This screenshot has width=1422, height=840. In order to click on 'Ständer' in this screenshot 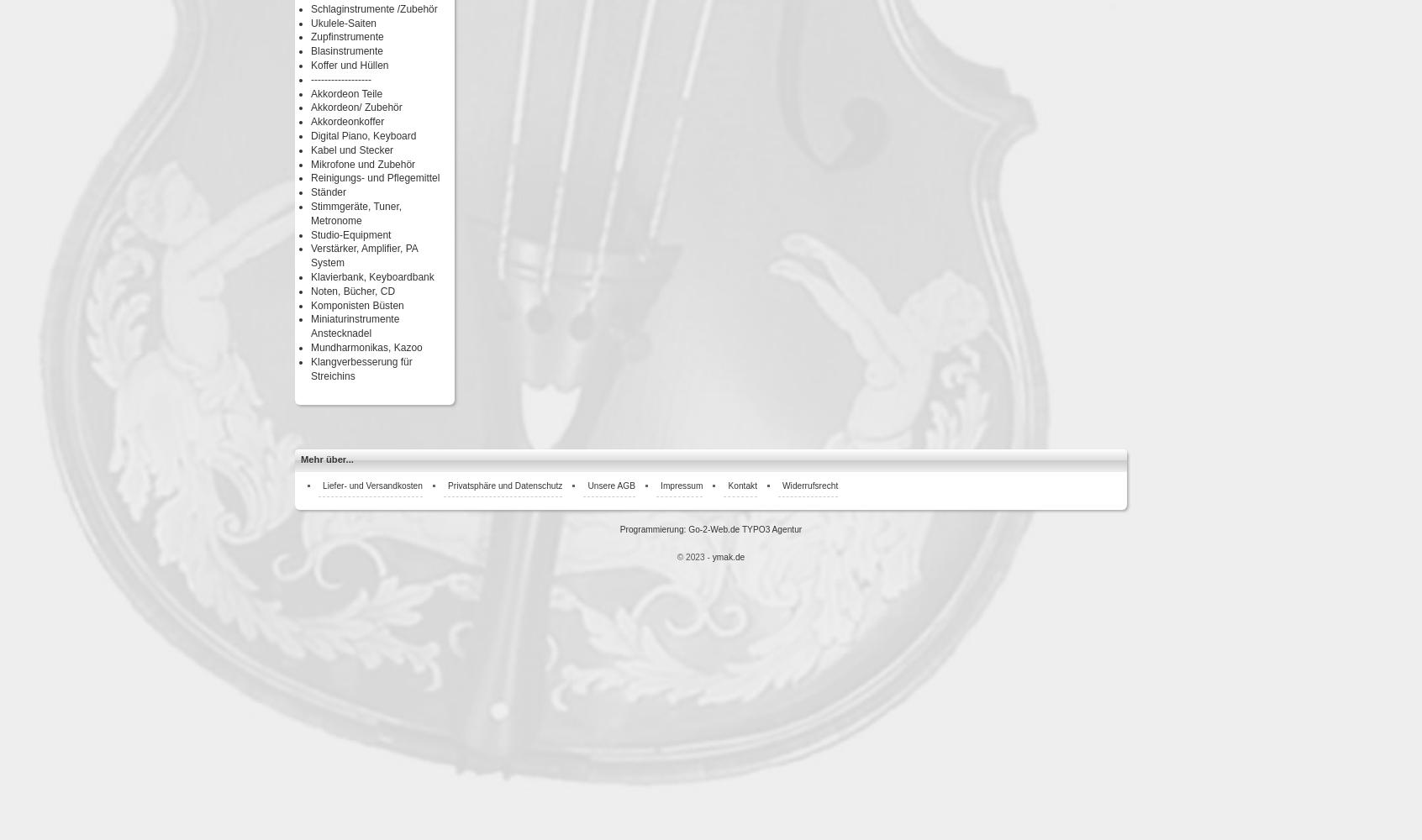, I will do `click(329, 192)`.